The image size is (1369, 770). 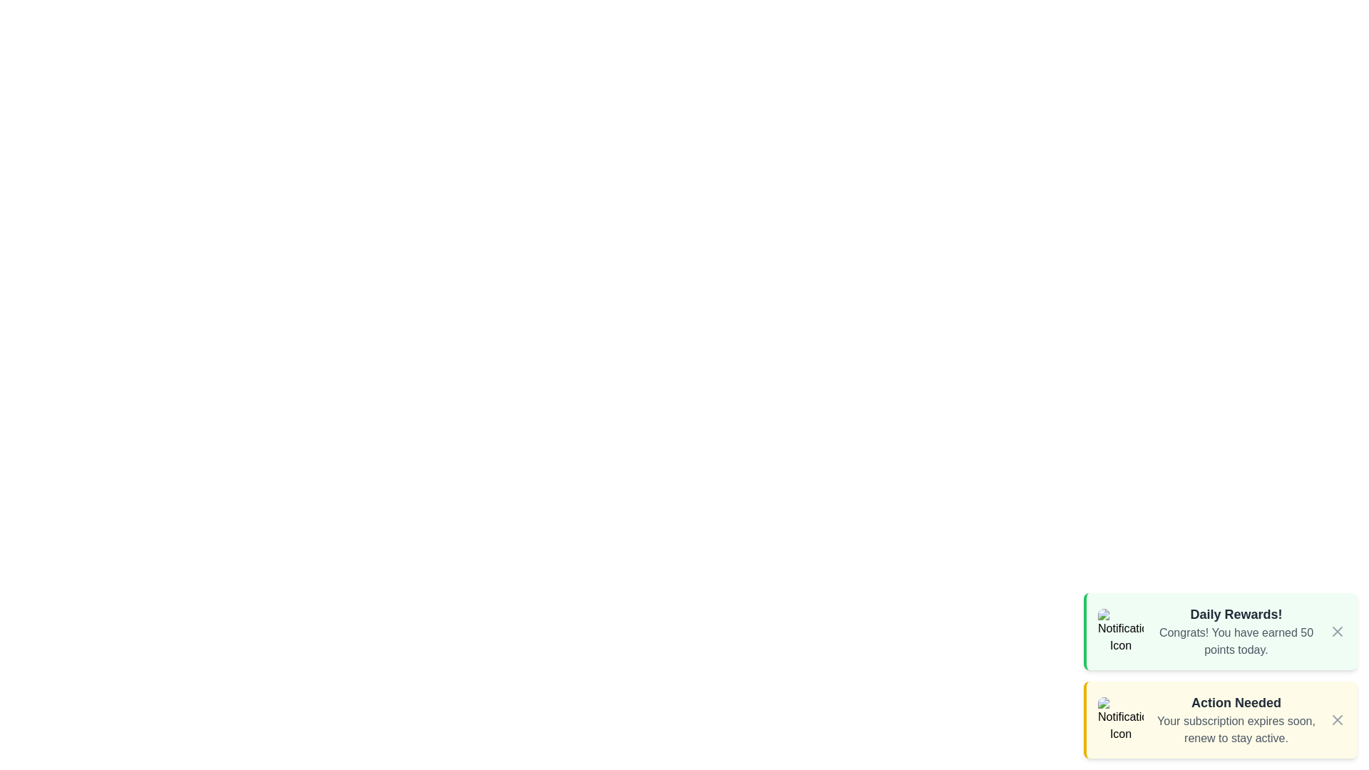 What do you see at coordinates (1337, 720) in the screenshot?
I see `the close button of the notification with the title Action Needed` at bounding box center [1337, 720].